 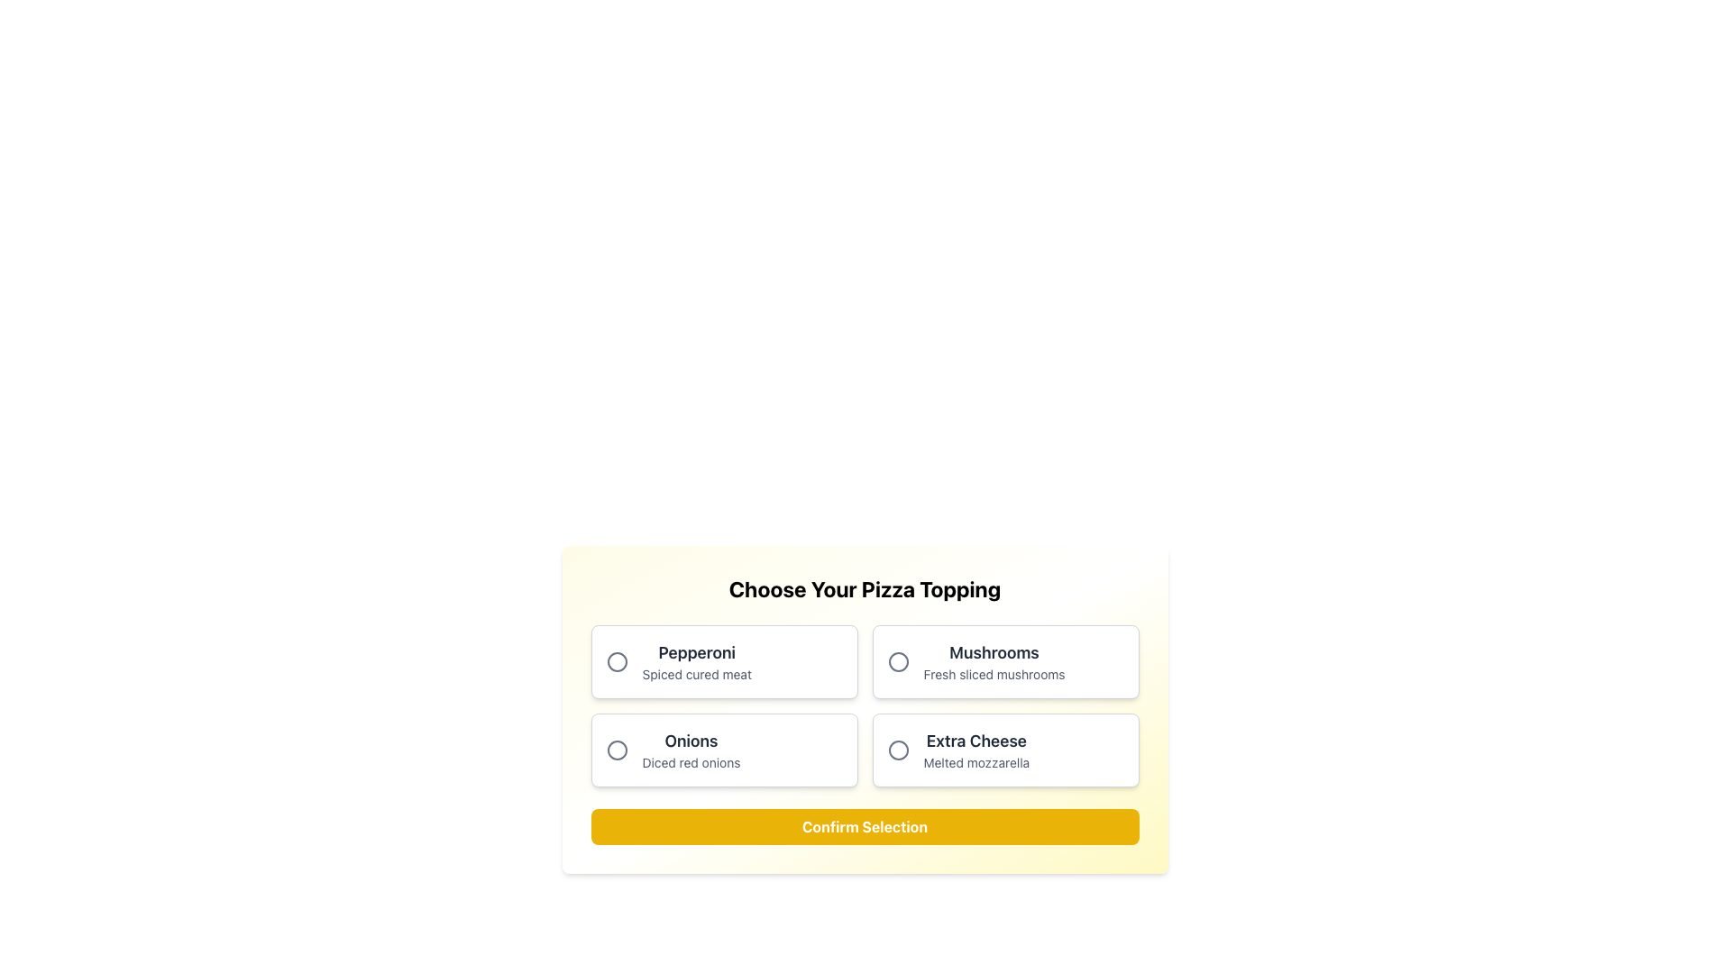 I want to click on the circular icon with a thin gray border located in the 'Mushrooms' pizza topping option card, which is the second option in the top row of the selection grid, so click(x=898, y=662).